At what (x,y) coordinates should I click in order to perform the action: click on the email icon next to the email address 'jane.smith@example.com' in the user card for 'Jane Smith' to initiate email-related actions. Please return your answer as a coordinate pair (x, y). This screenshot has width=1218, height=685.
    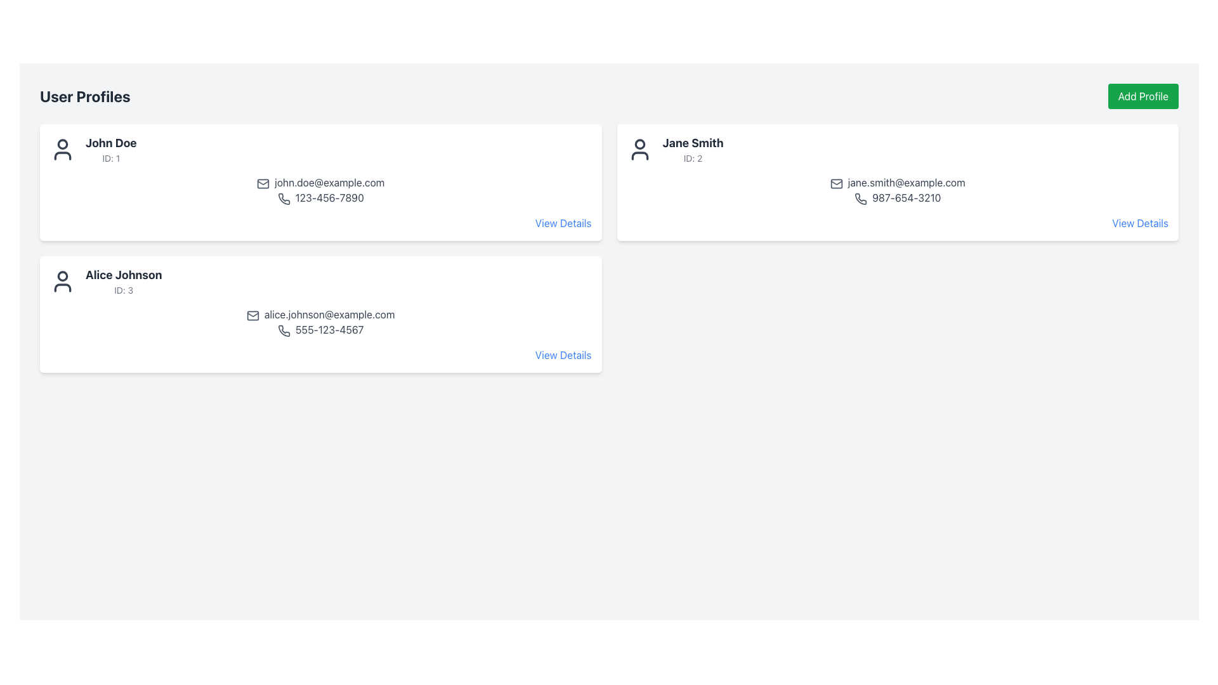
    Looking at the image, I should click on (836, 183).